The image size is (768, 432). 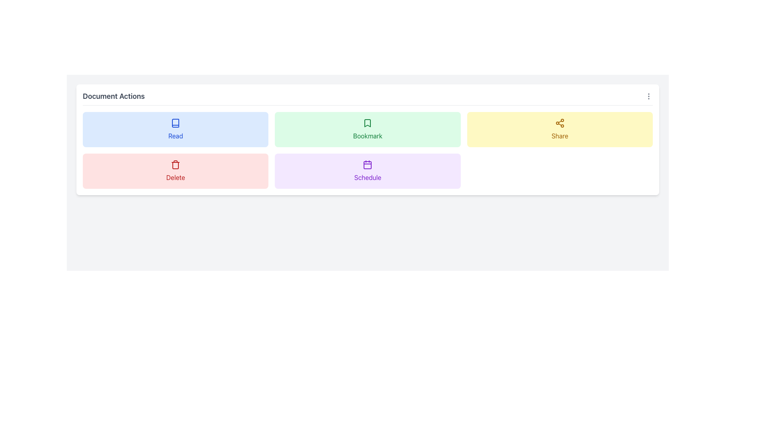 What do you see at coordinates (367, 123) in the screenshot?
I see `the green bookmark icon located in the first row, third cell of the 'Document Actions' section` at bounding box center [367, 123].